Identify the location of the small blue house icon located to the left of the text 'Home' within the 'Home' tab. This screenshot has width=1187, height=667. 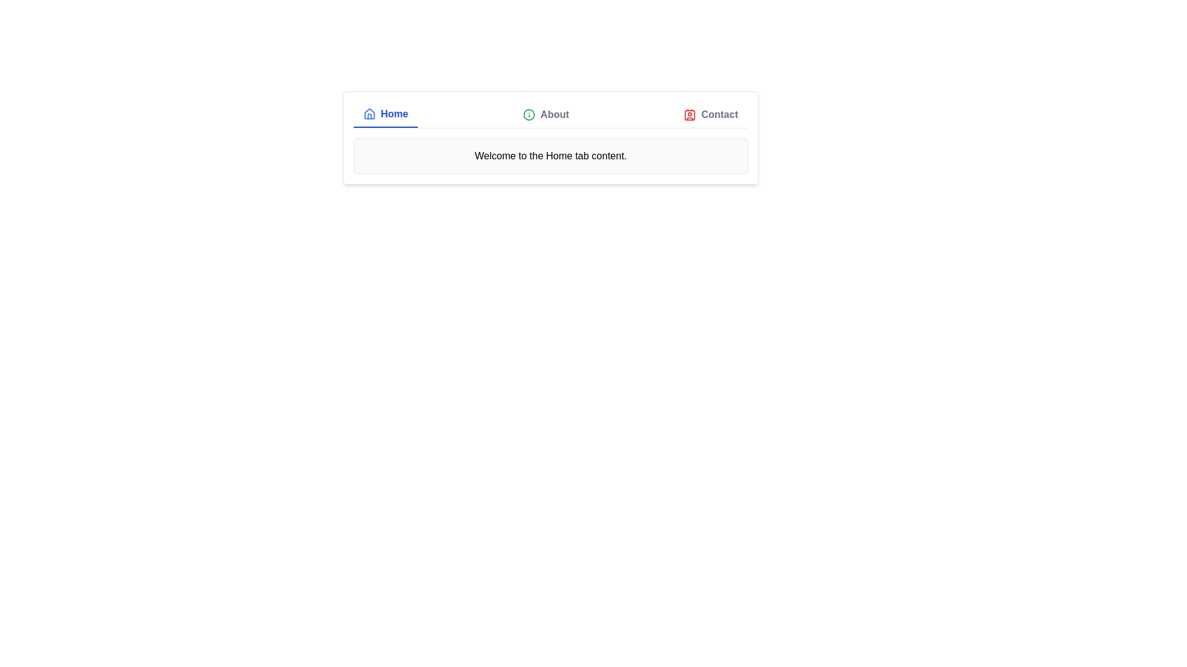
(369, 114).